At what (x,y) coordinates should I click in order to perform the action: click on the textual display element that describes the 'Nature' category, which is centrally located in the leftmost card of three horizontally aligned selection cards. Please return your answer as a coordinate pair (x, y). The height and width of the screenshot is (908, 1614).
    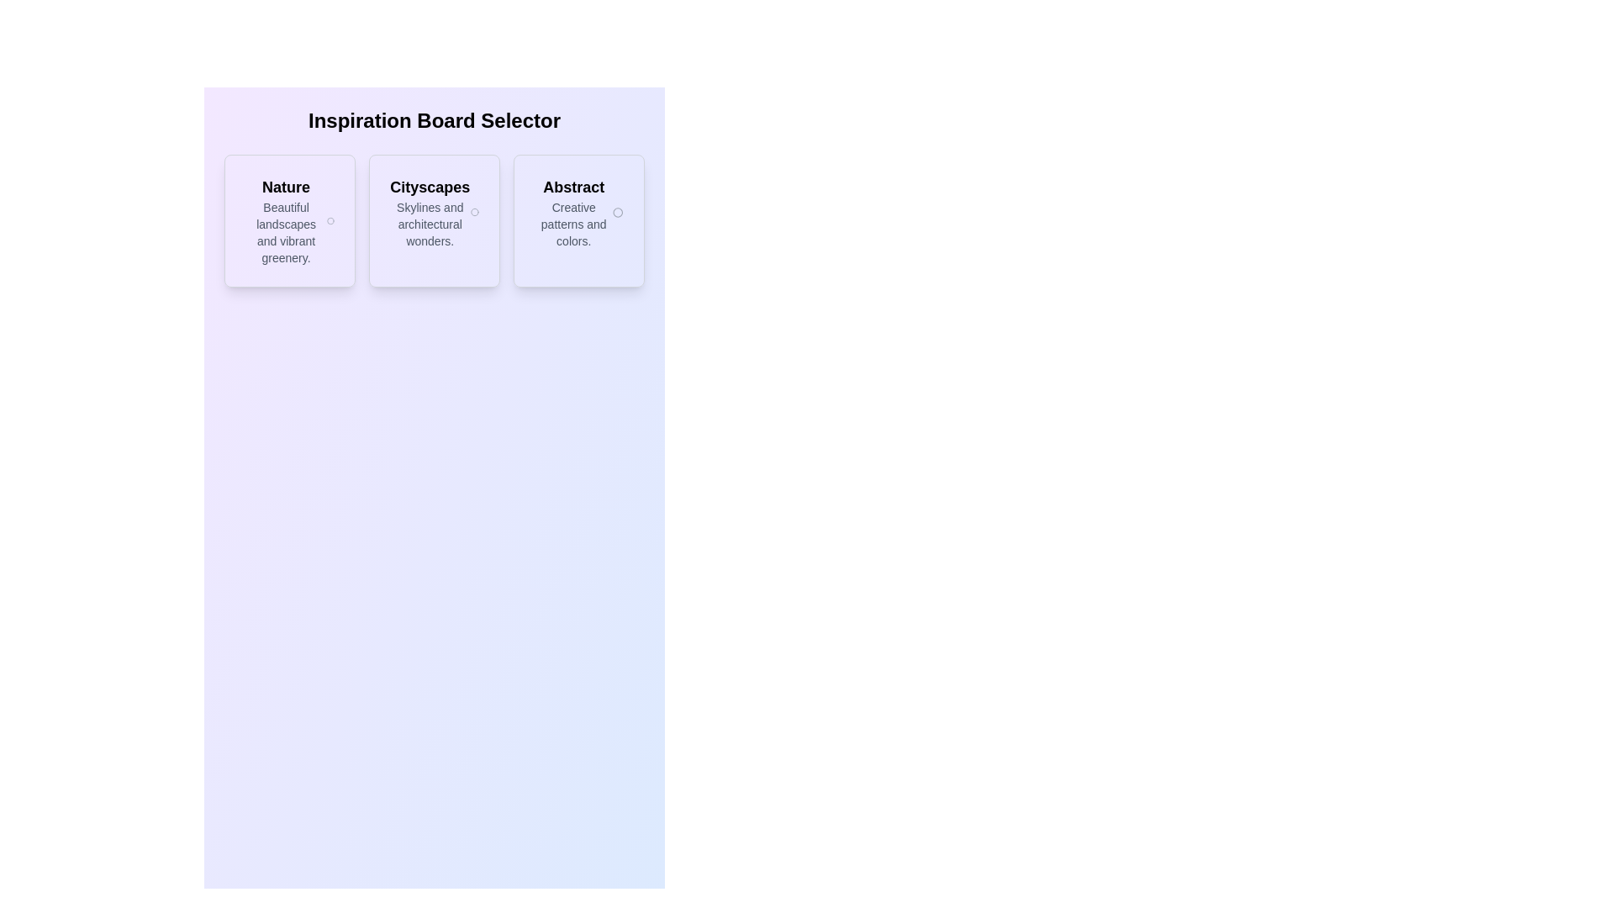
    Looking at the image, I should click on (290, 219).